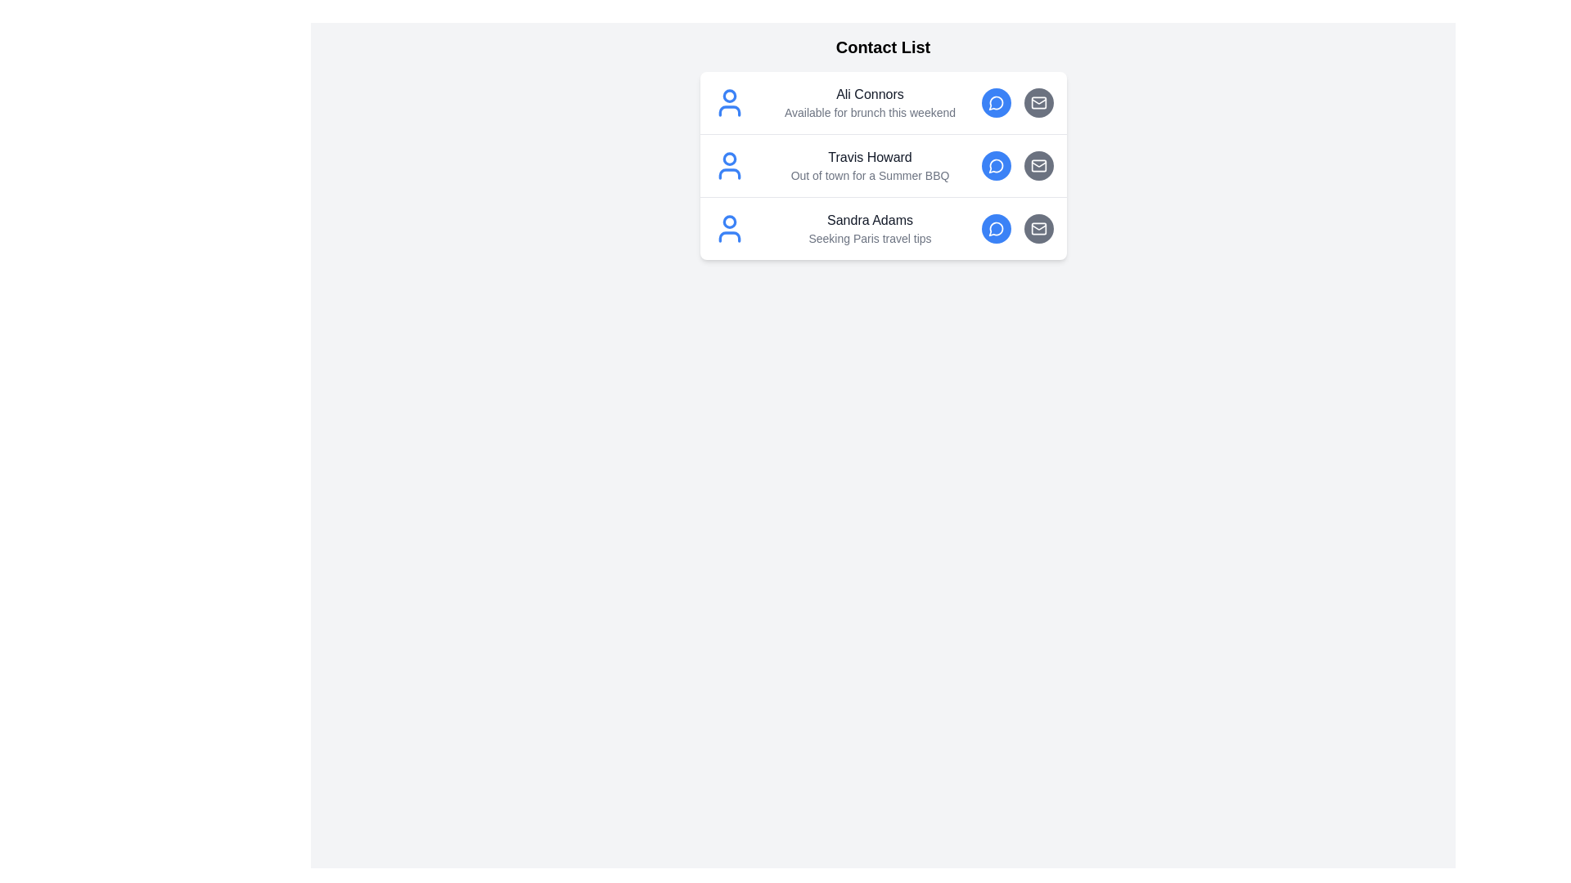 The image size is (1571, 883). I want to click on the topmost contact list item under the 'Contact List' heading, so click(869, 103).